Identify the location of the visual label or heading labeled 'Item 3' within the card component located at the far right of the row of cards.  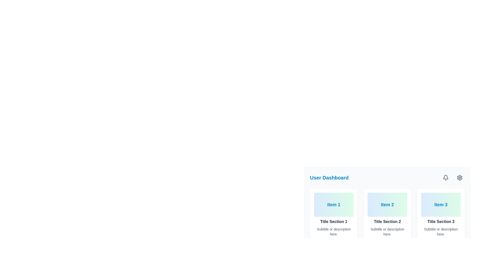
(441, 204).